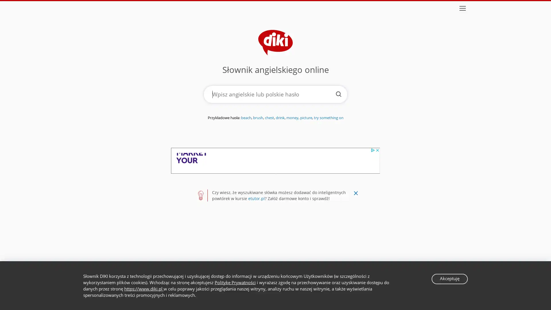 The width and height of the screenshot is (551, 310). What do you see at coordinates (339, 94) in the screenshot?
I see `Szukaj` at bounding box center [339, 94].